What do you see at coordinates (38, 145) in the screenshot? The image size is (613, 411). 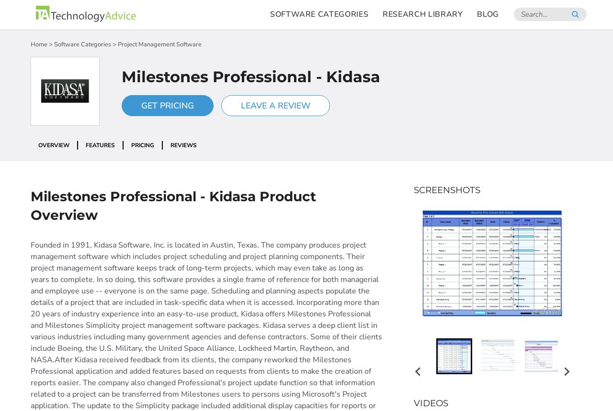 I see `'Overview'` at bounding box center [38, 145].